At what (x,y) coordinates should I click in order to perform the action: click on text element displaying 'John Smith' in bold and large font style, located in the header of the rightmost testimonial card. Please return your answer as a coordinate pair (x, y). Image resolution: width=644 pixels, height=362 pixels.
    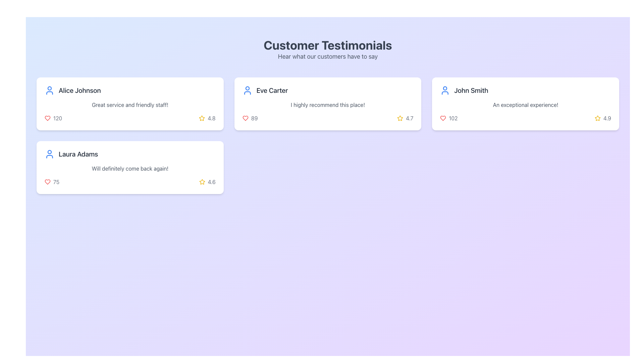
    Looking at the image, I should click on (471, 90).